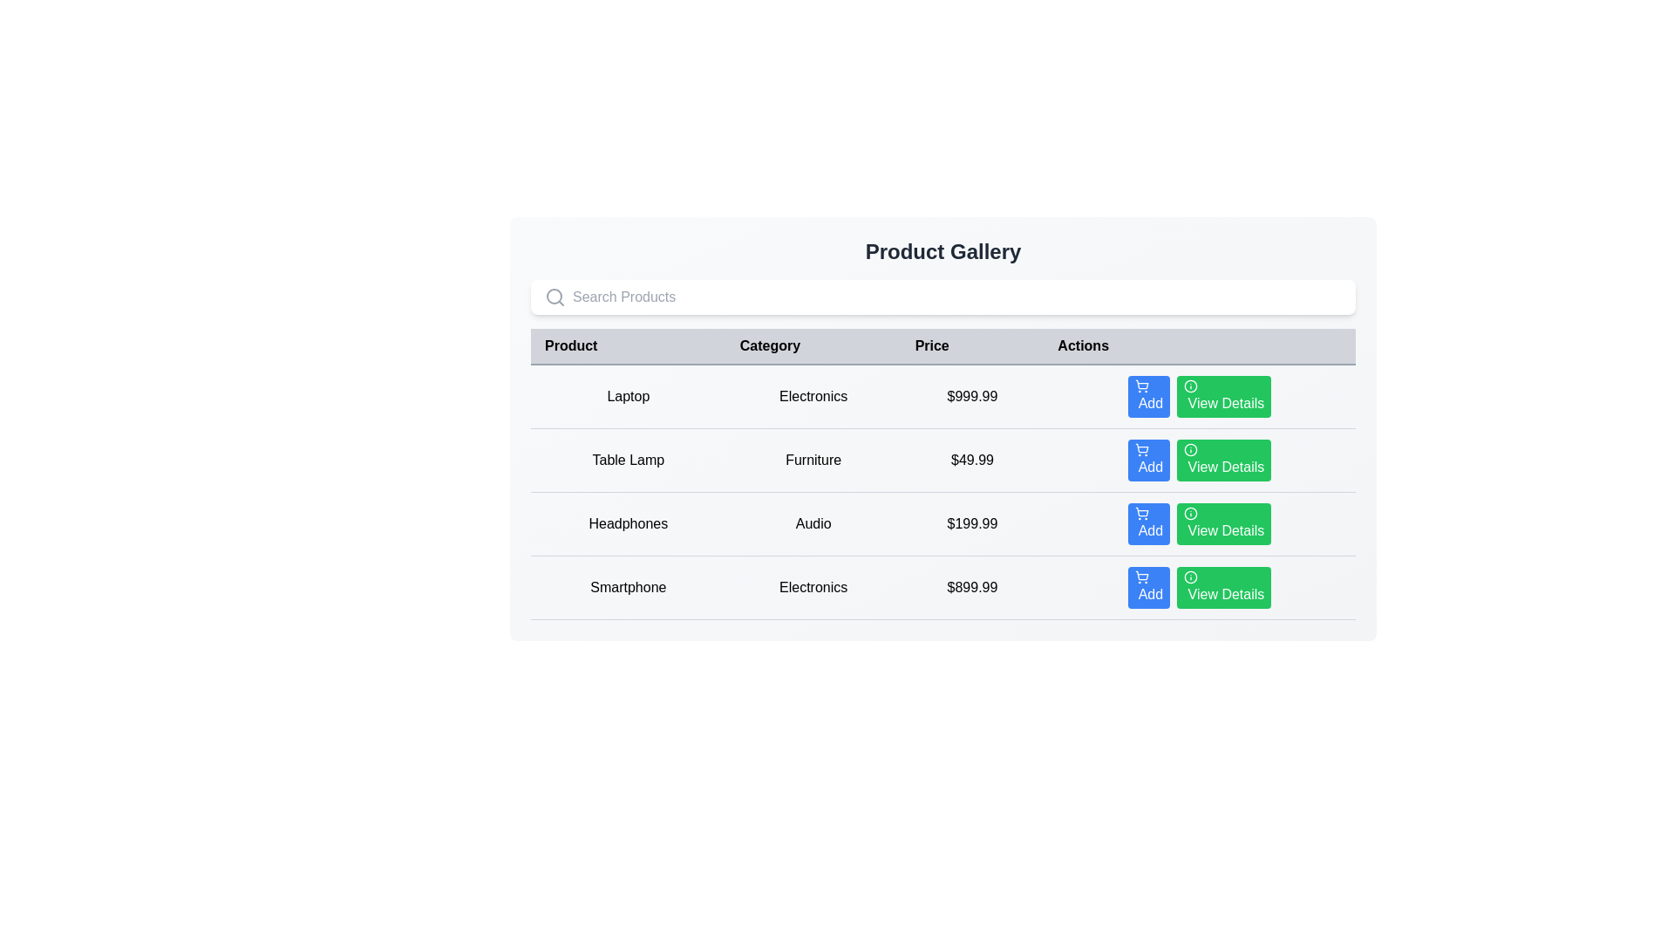 The height and width of the screenshot is (942, 1674). Describe the element at coordinates (971, 588) in the screenshot. I see `the text label displaying the price of the product in the fourth row, third column of the table, which is located above the 'Add' and 'View Details' buttons` at that location.